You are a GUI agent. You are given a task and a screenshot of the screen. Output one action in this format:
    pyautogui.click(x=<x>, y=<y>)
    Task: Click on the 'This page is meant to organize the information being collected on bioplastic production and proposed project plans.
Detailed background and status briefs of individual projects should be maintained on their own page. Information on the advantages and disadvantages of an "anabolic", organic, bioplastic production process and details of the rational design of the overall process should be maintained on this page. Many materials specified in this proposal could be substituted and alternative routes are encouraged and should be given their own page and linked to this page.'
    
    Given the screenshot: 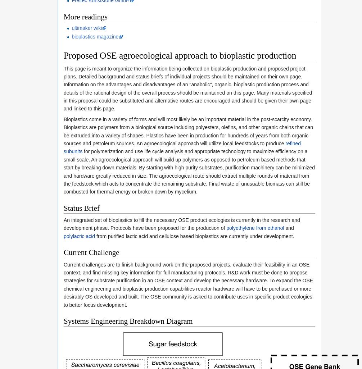 What is the action you would take?
    pyautogui.click(x=188, y=88)
    